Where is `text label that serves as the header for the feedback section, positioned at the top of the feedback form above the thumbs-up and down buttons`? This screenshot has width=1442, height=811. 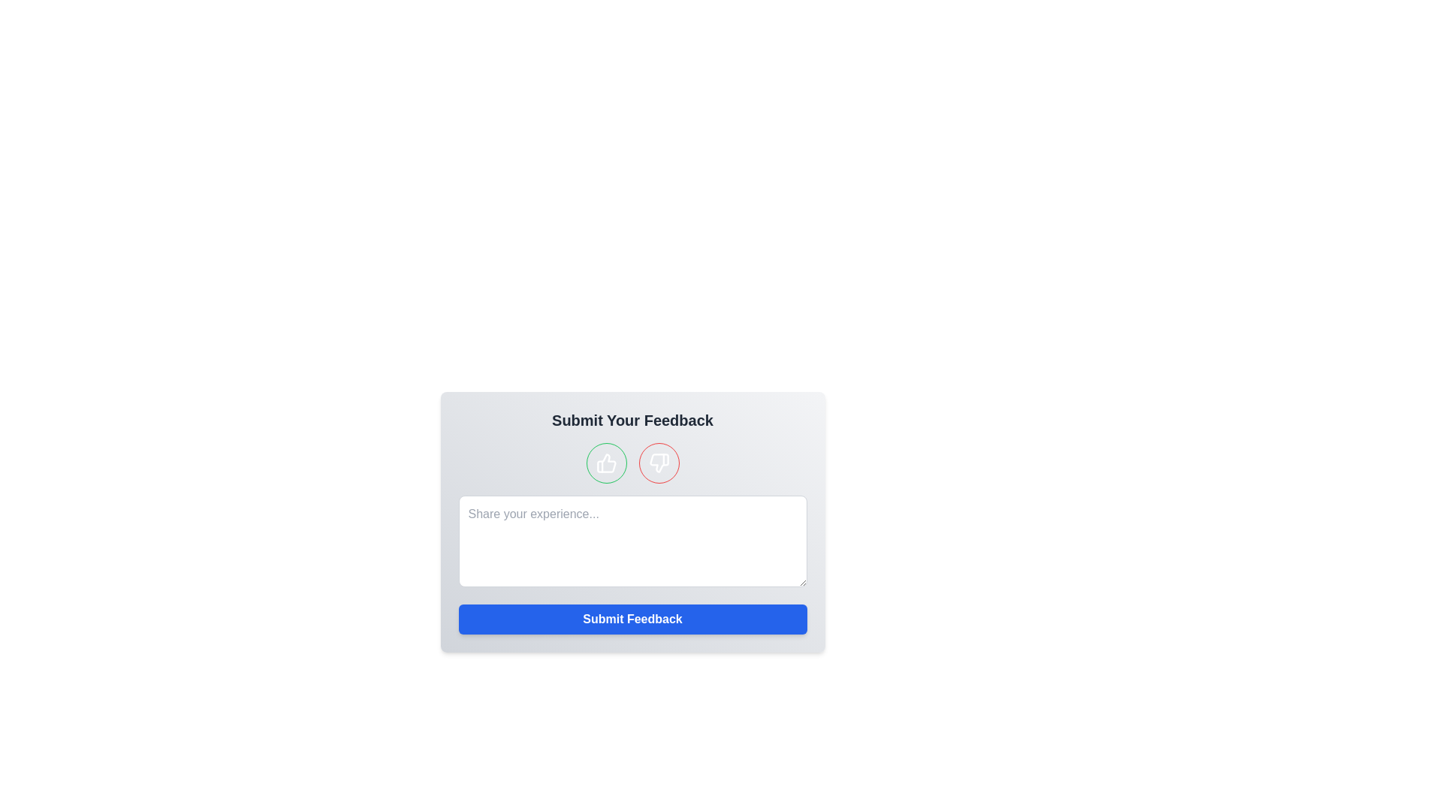 text label that serves as the header for the feedback section, positioned at the top of the feedback form above the thumbs-up and down buttons is located at coordinates (632, 420).